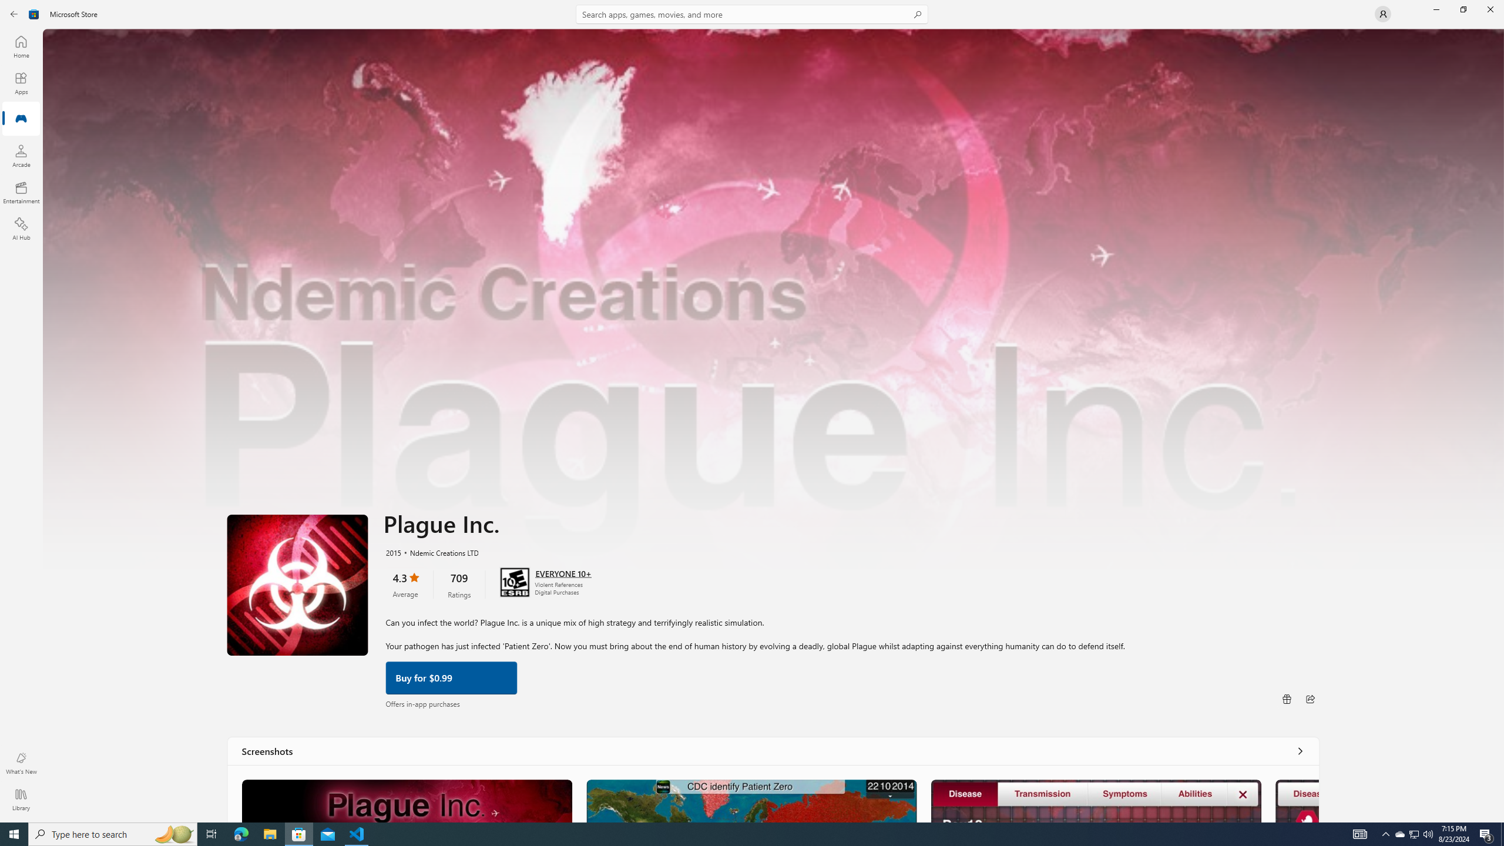  Describe the element at coordinates (451, 677) in the screenshot. I see `'Buy'` at that location.